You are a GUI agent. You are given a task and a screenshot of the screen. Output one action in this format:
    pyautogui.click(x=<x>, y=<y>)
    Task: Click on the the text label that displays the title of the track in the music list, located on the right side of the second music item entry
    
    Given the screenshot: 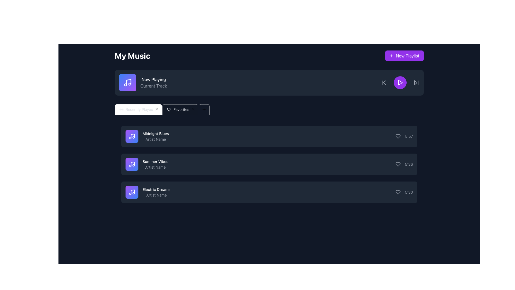 What is the action you would take?
    pyautogui.click(x=155, y=161)
    